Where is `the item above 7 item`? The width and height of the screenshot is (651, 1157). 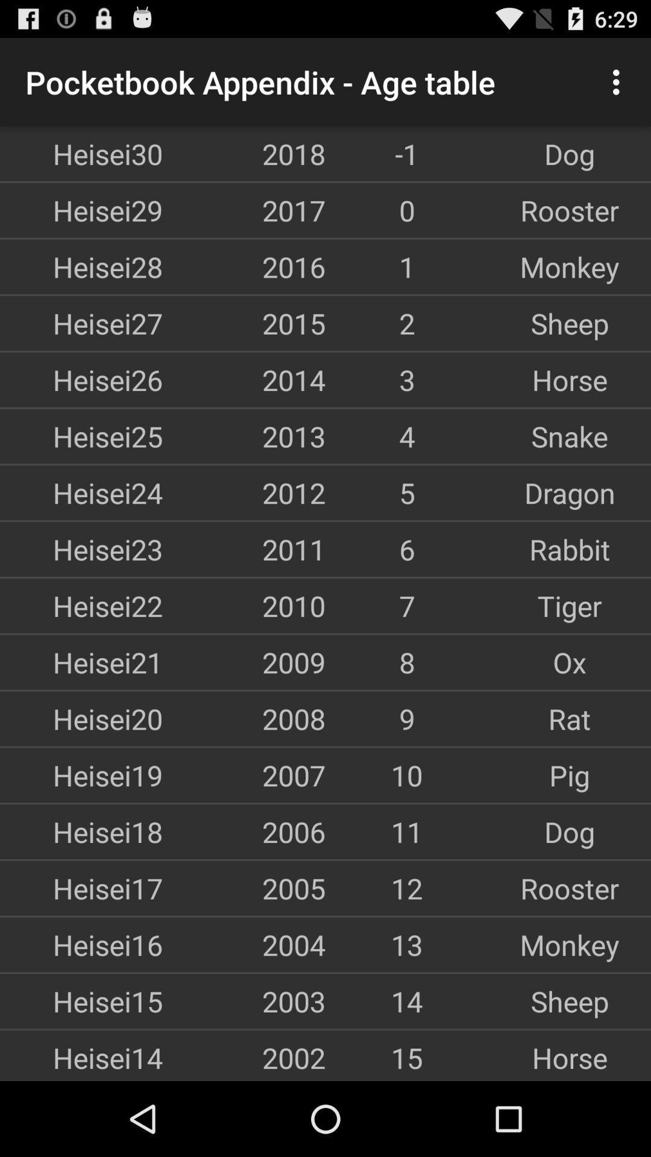
the item above 7 item is located at coordinates (570, 548).